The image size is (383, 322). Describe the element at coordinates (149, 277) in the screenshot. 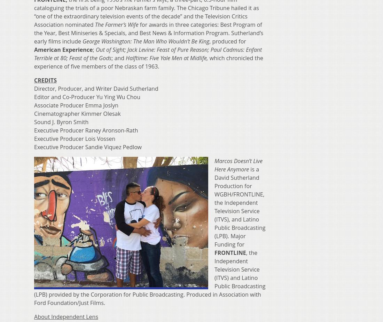

I see `', the Independent Television Service (ITVS) and Latino Public Broadcasting (LPB) provided by the Corporation for Public Broadcasting. Produced in Association with Ford Foundation/Just Films.'` at that location.